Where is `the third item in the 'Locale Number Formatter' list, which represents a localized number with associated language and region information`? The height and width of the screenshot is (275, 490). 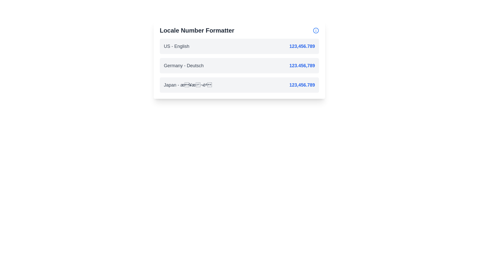
the third item in the 'Locale Number Formatter' list, which represents a localized number with associated language and region information is located at coordinates (239, 85).